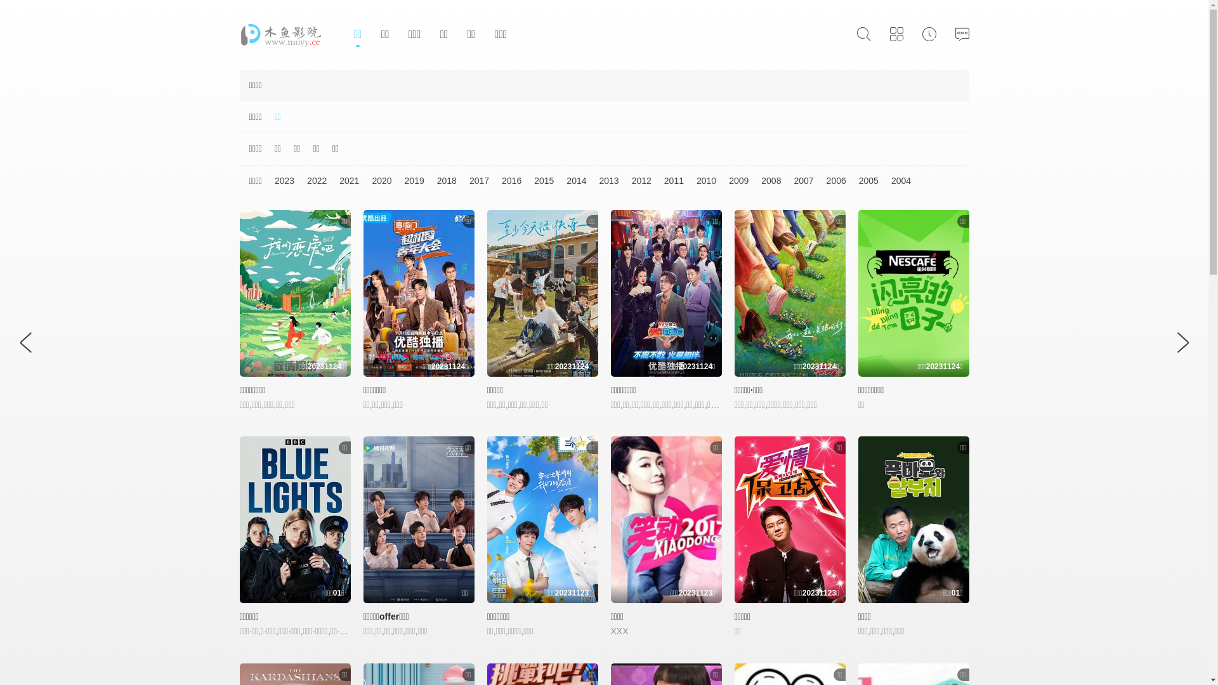 This screenshot has height=685, width=1218. Describe the element at coordinates (602, 181) in the screenshot. I see `'2013'` at that location.